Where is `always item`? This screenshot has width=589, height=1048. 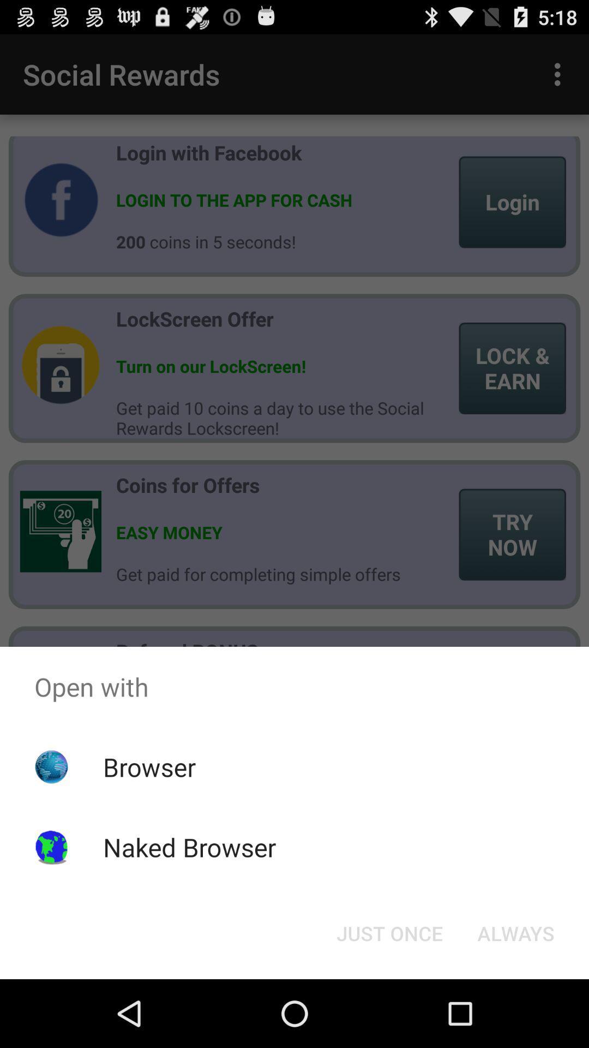
always item is located at coordinates (515, 932).